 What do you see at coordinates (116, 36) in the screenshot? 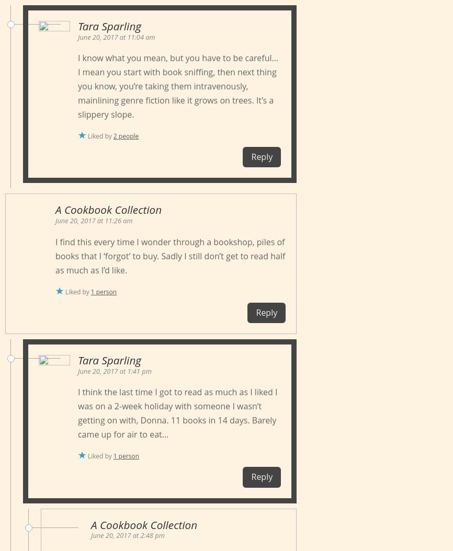
I see `'June 20, 2017 at 11:04 am'` at bounding box center [116, 36].